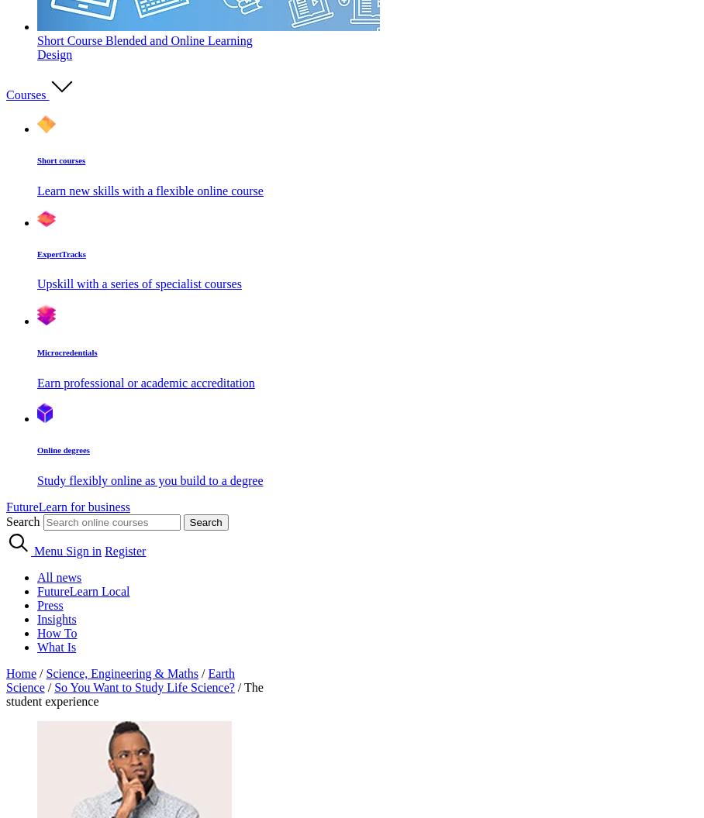 The height and width of the screenshot is (818, 704). What do you see at coordinates (50, 604) in the screenshot?
I see `'Press'` at bounding box center [50, 604].